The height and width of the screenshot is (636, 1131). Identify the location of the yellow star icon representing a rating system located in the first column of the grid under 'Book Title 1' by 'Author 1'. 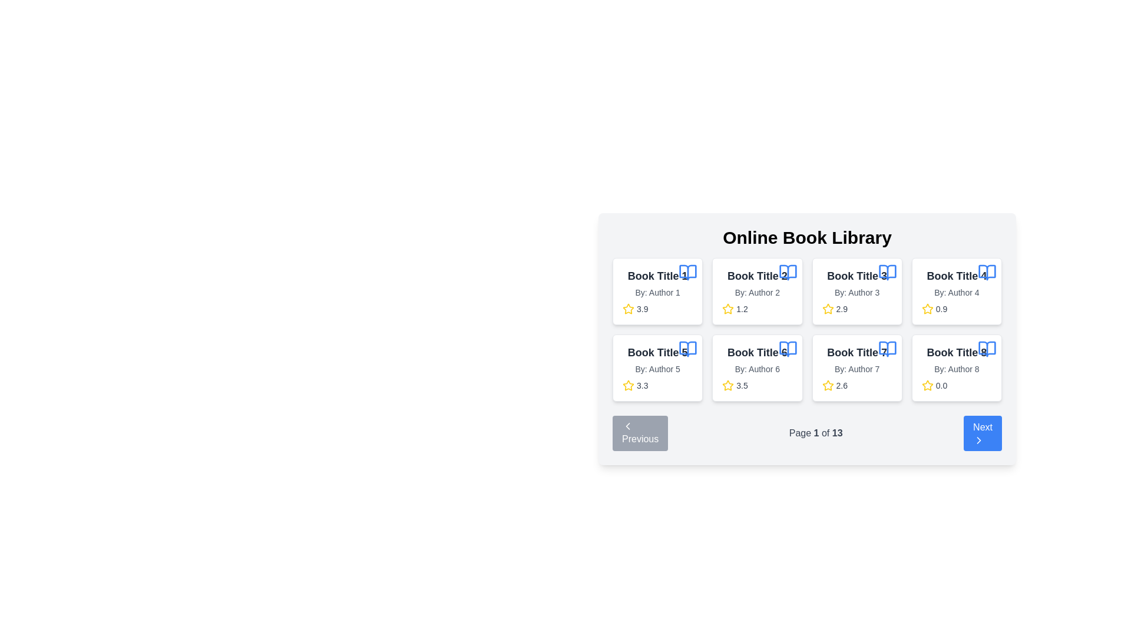
(627, 308).